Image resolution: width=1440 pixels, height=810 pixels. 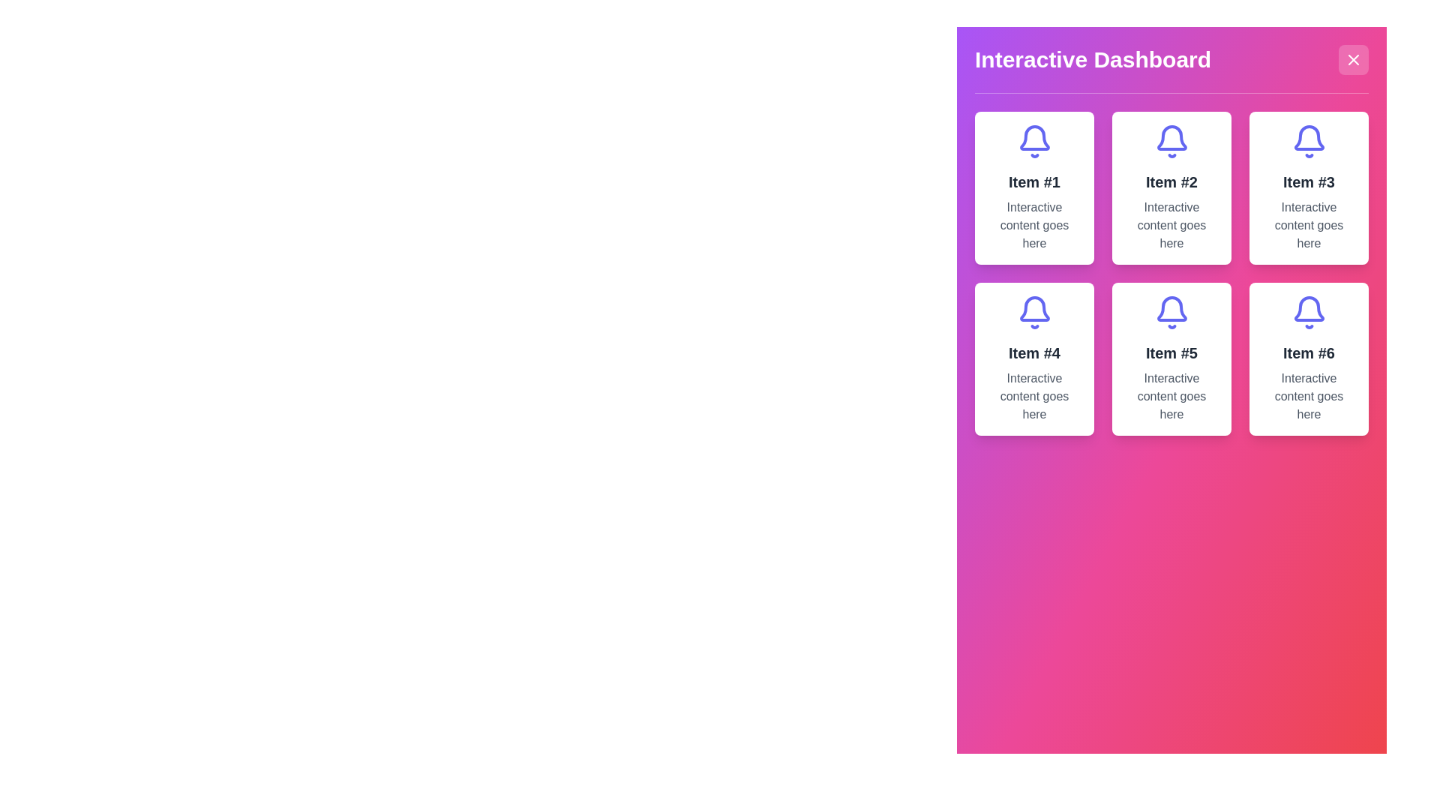 I want to click on the second text block within the card labeled 'Item #5', located in the bottom-right group of a 3x2 grid layout, so click(x=1171, y=395).